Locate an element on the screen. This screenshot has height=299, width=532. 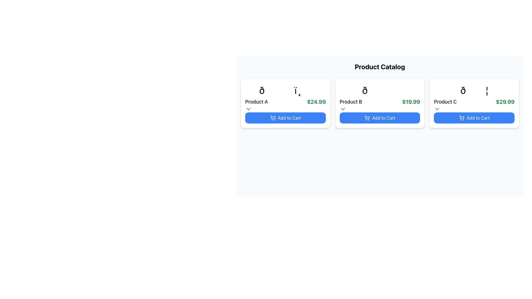
the Text Display element that serves as a product label or title, located in the middle card of a horizontally aligned card group, above the price '$19.99' is located at coordinates (351, 102).